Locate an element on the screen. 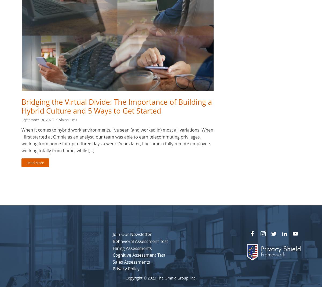 The height and width of the screenshot is (287, 322). 'September 18, 2023' is located at coordinates (21, 119).